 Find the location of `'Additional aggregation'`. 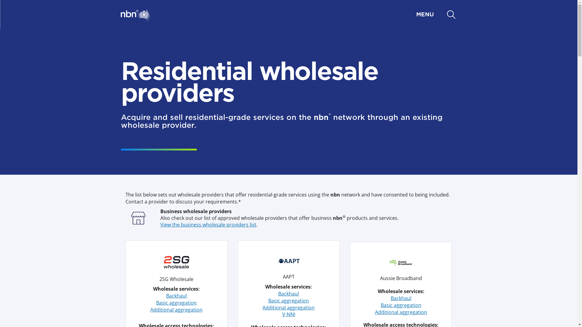

'Additional aggregation' is located at coordinates (401, 312).